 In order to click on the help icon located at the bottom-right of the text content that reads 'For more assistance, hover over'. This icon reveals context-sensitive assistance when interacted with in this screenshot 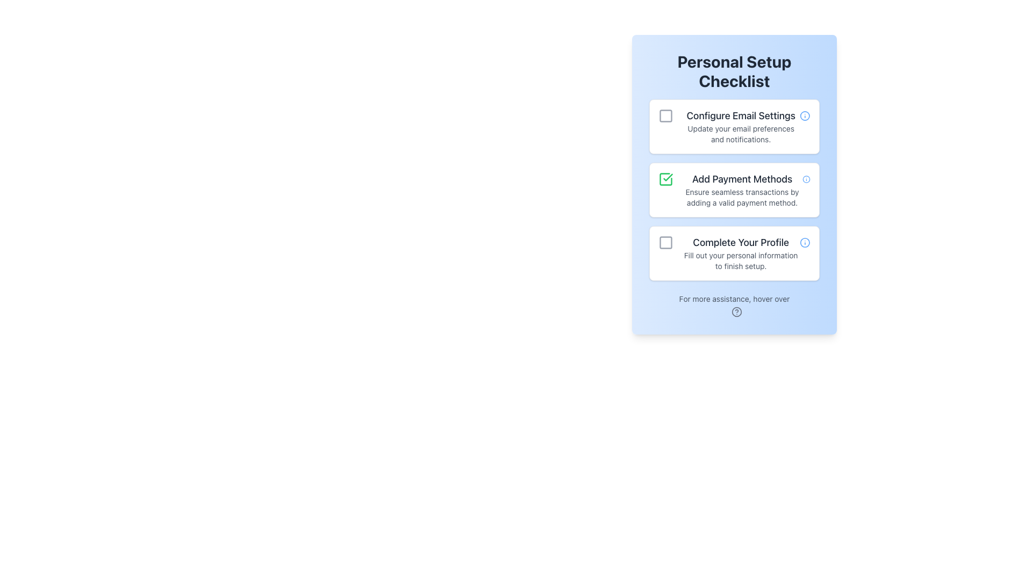, I will do `click(736, 311)`.